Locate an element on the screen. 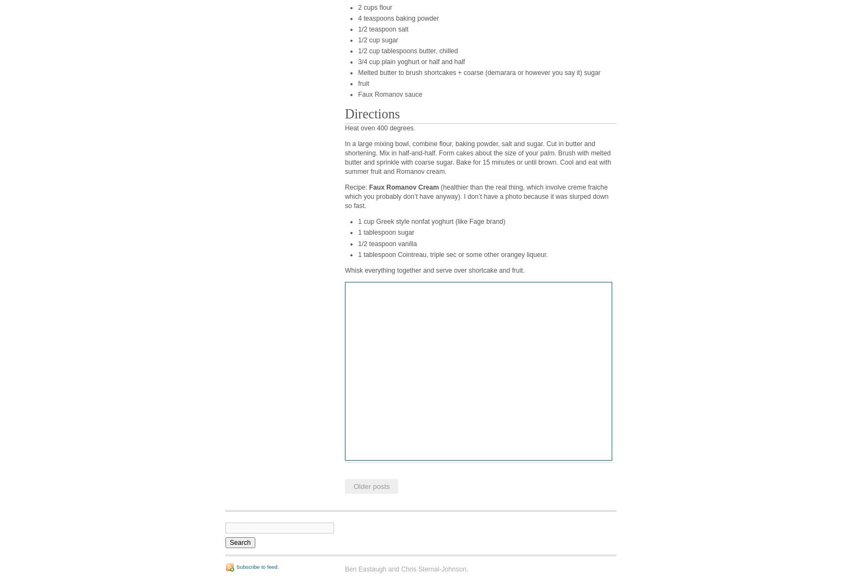  'Faux Romanov sauce' is located at coordinates (389, 94).